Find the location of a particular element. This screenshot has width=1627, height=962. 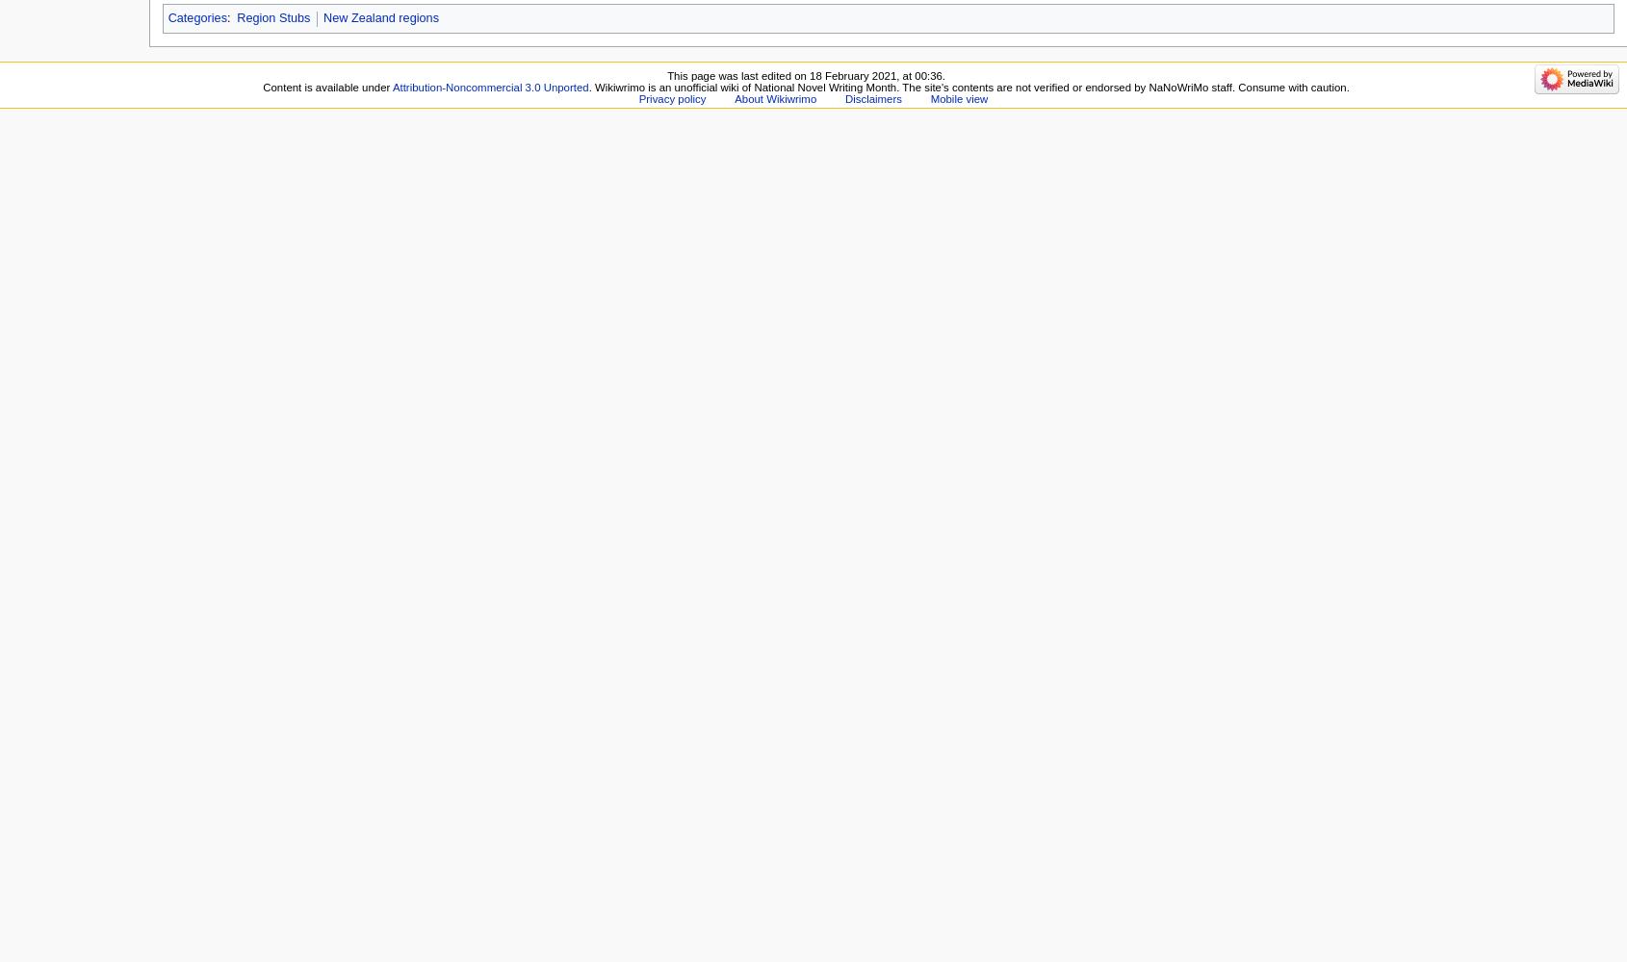

'This page was last edited on 18 February 2021, at 00:36.' is located at coordinates (806, 74).